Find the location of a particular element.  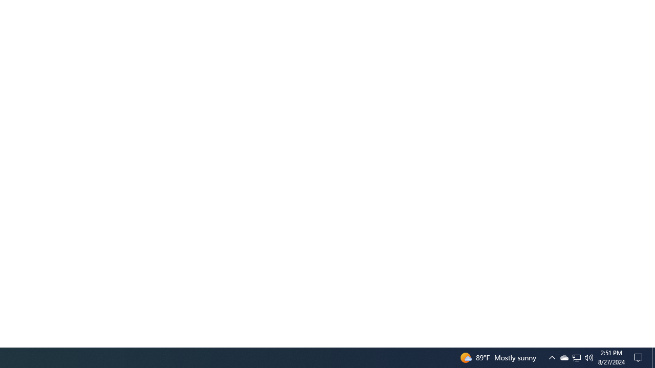

'Show desktop' is located at coordinates (653, 357).